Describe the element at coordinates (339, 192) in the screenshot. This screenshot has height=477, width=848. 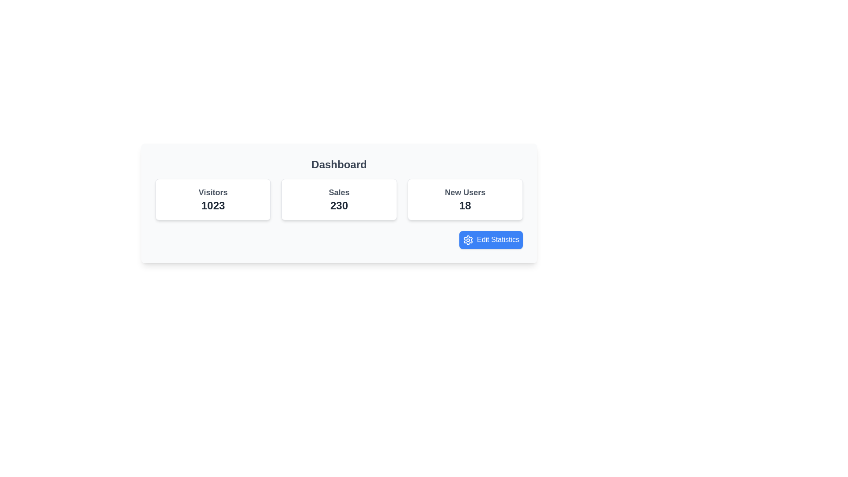
I see `the title text element indicating 'Sales', which is located at the top center of the second card in a group of three cards, positioned directly above the numerical value '230'` at that location.